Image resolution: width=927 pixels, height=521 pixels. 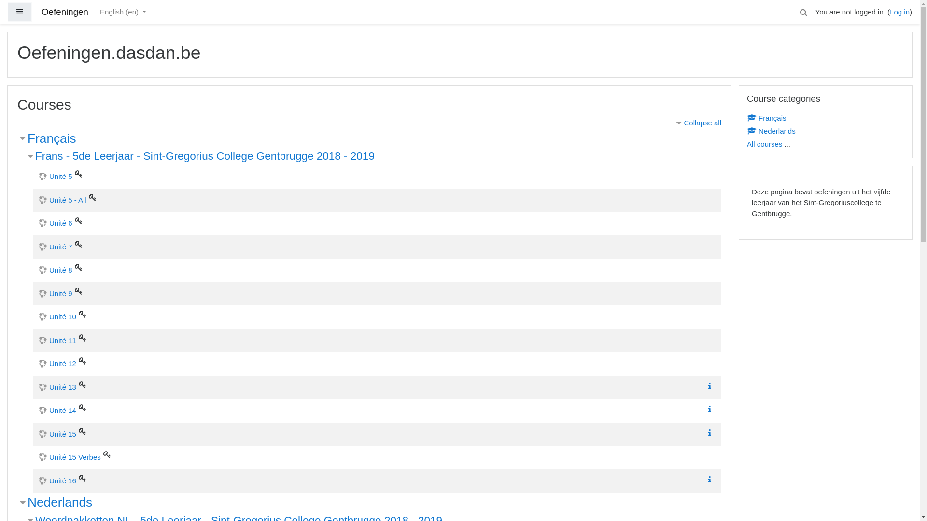 I want to click on 'Nederlands', so click(x=771, y=130).